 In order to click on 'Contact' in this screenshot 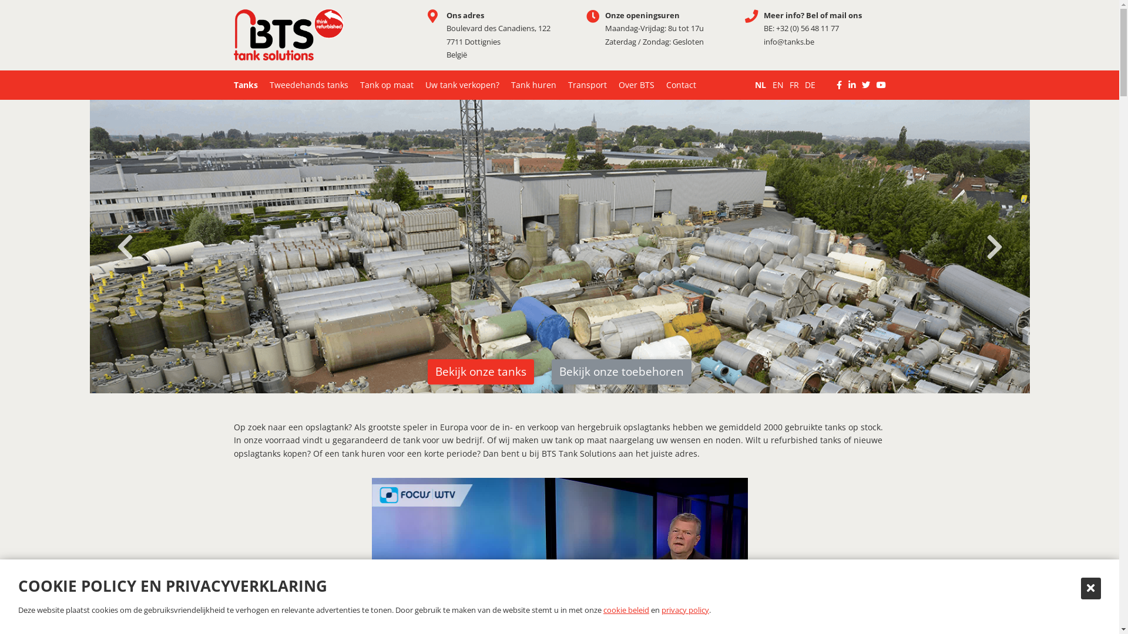, I will do `click(681, 85)`.